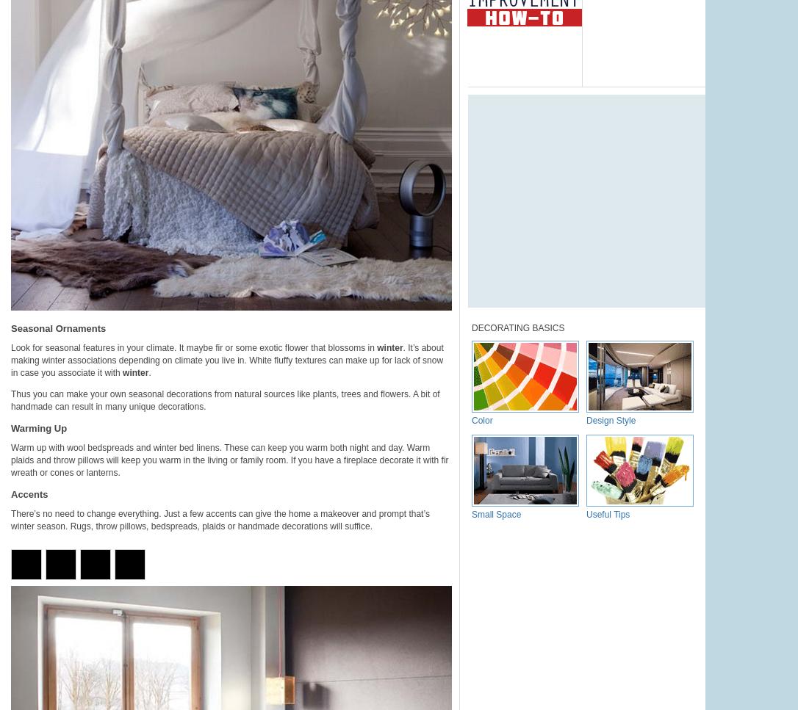 The height and width of the screenshot is (710, 798). I want to click on '. It’s about making winter associations depending on climate you live in. White fluffy textures can make up for lack of snow in case you associate it with', so click(10, 360).